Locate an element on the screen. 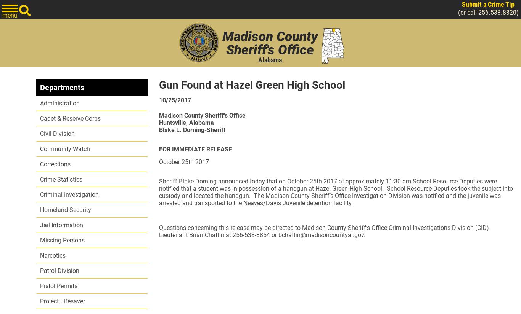 This screenshot has height=314, width=521. 'Gun Found at Hazel Green High School' is located at coordinates (251, 85).